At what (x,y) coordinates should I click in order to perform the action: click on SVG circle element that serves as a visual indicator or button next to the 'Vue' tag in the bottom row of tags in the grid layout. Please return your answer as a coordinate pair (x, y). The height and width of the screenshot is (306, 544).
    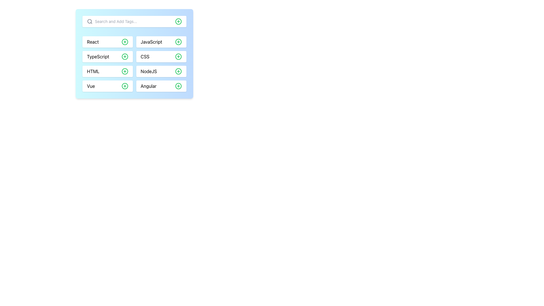
    Looking at the image, I should click on (124, 86).